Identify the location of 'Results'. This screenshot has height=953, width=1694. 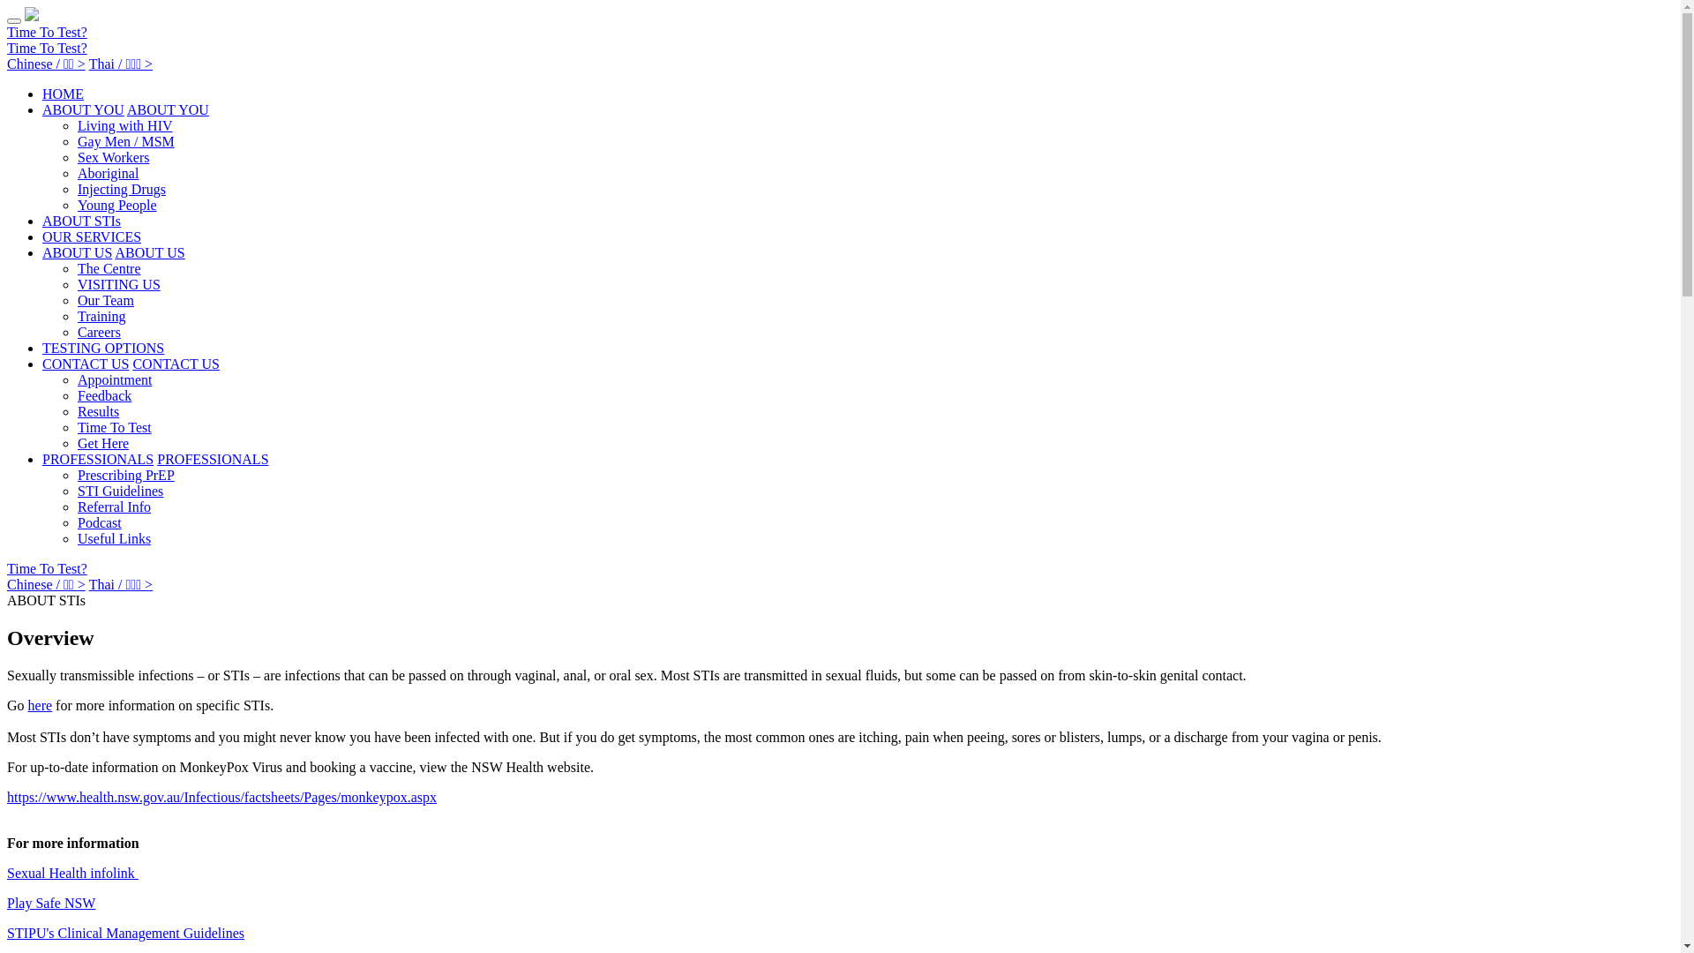
(97, 411).